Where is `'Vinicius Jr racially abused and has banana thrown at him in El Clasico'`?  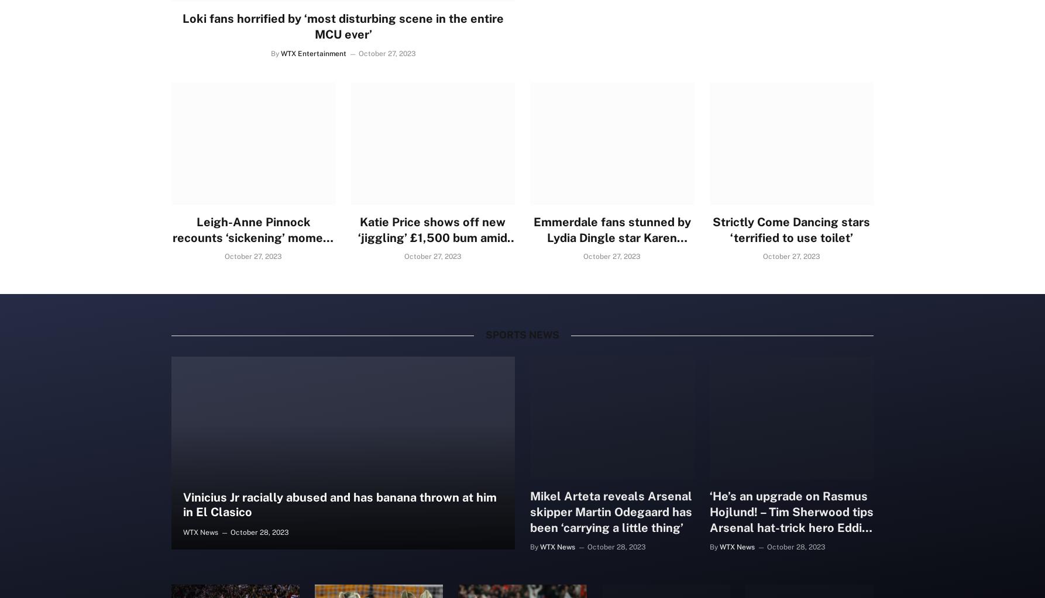
'Vinicius Jr racially abused and has banana thrown at him in El Clasico' is located at coordinates (339, 504).